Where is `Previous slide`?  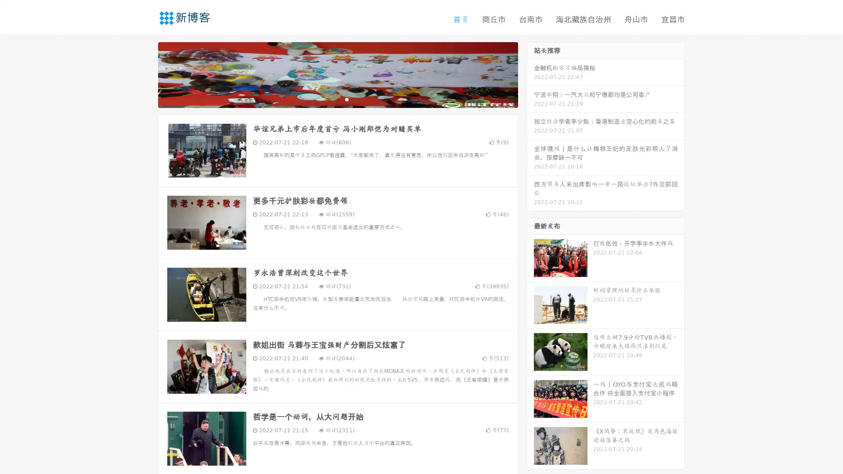 Previous slide is located at coordinates (145, 74).